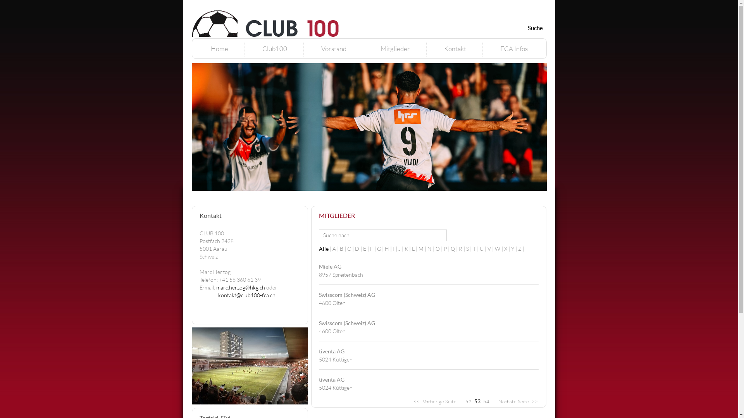 The height and width of the screenshot is (418, 744). Describe the element at coordinates (534, 401) in the screenshot. I see `'>>'` at that location.